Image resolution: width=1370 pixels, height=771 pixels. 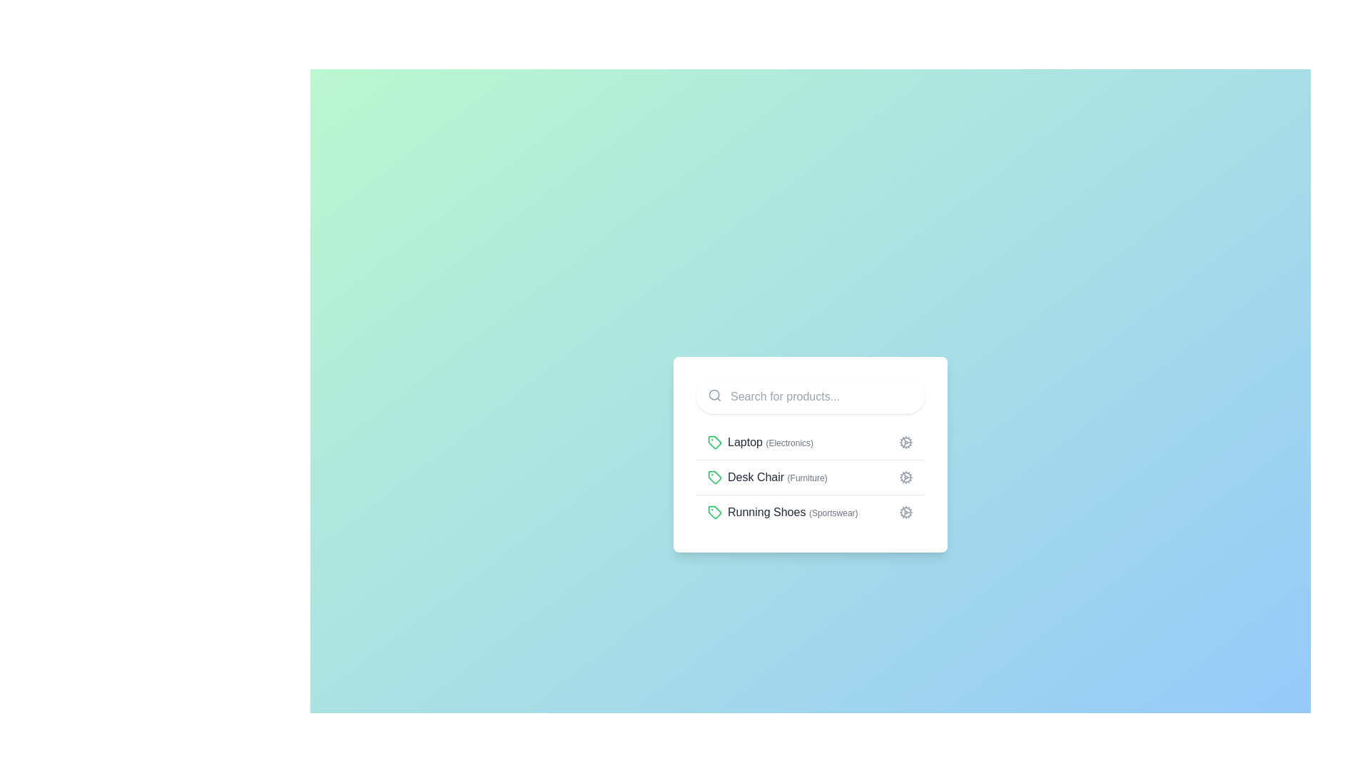 I want to click on the circular search icon element, which is the lens of the magnifying glass, located at the top left corner of the search input field on the white card, so click(x=714, y=395).